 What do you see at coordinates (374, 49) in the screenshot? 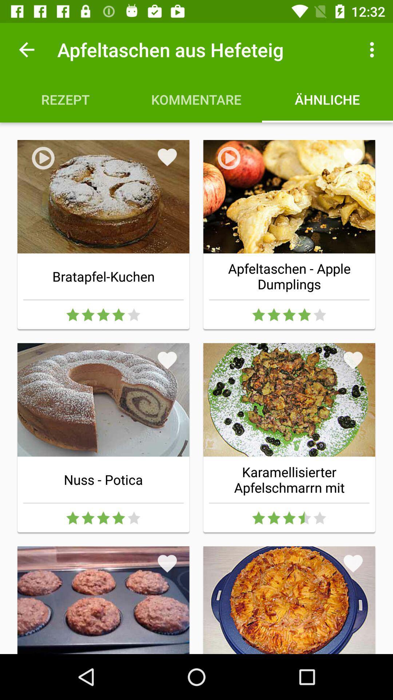
I see `the icon to the right of apfeltaschen aus hefeteig item` at bounding box center [374, 49].